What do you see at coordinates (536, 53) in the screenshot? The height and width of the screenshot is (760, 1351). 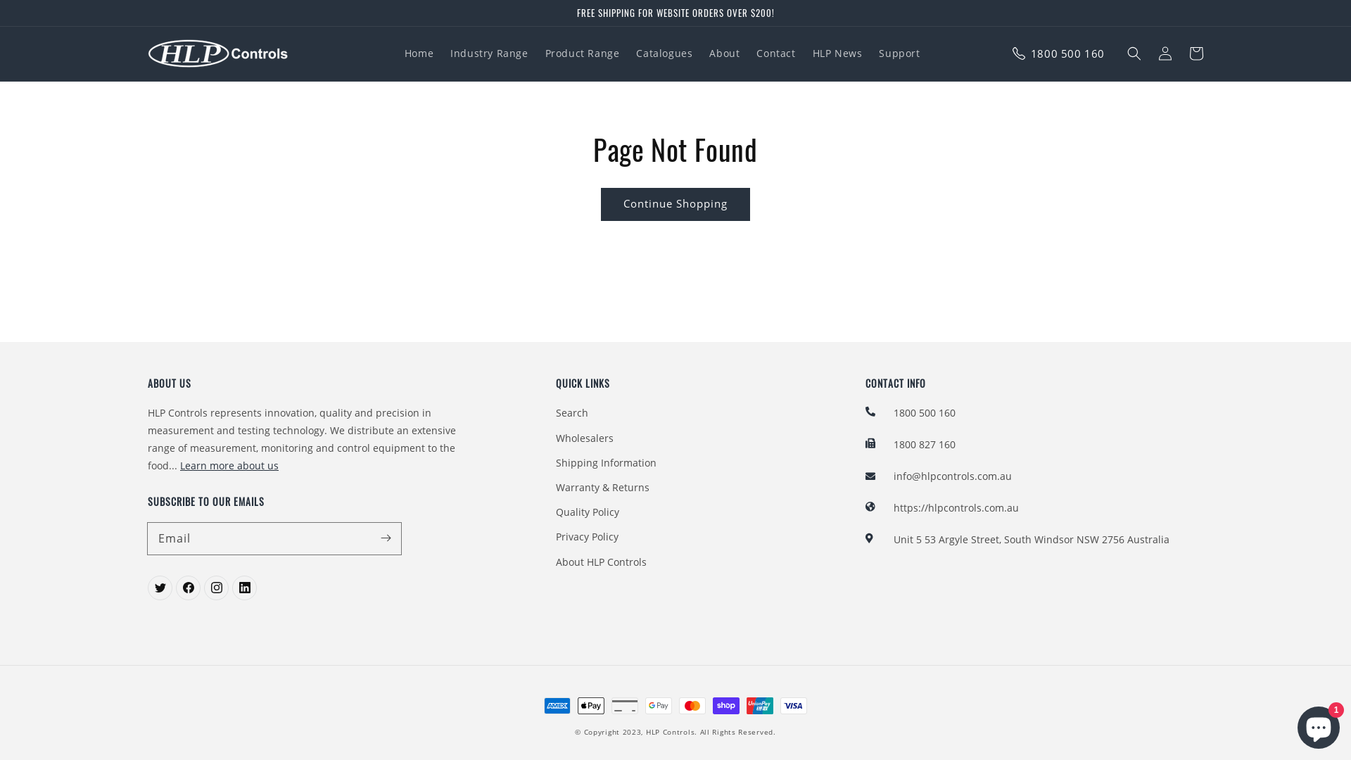 I see `'Product Range'` at bounding box center [536, 53].